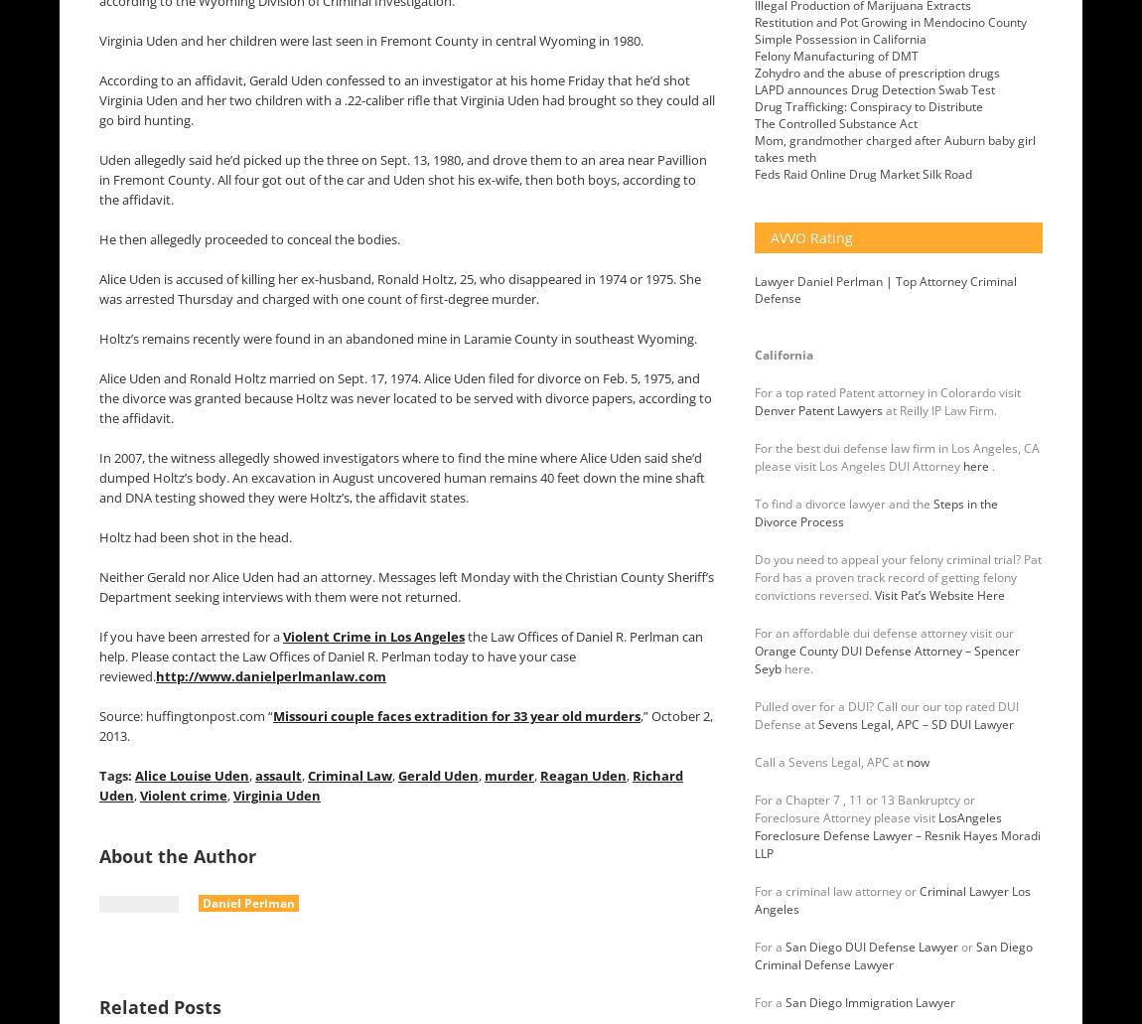 This screenshot has height=1024, width=1142. I want to click on 'For an affordable dui defense attorney visit our', so click(884, 633).